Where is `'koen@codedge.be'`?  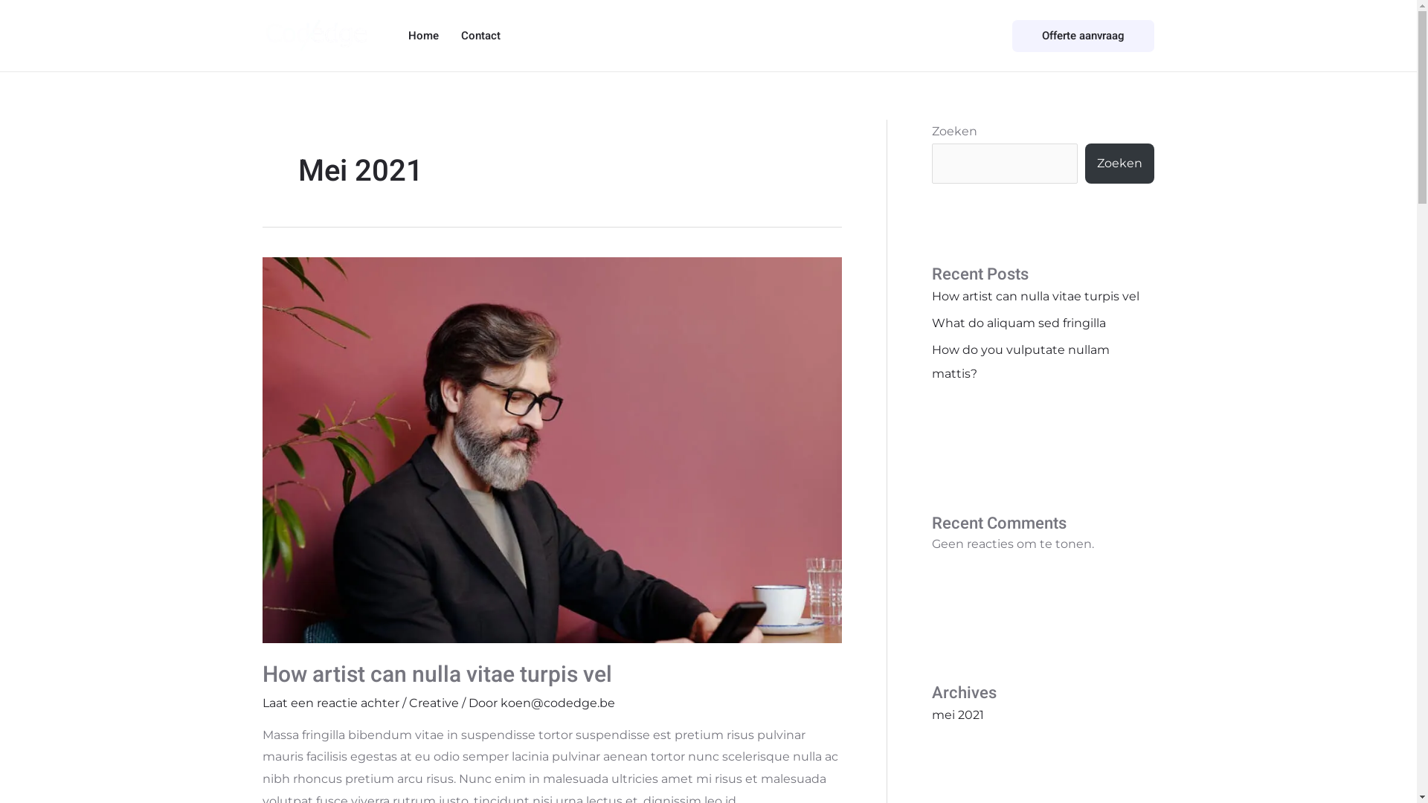 'koen@codedge.be' is located at coordinates (556, 703).